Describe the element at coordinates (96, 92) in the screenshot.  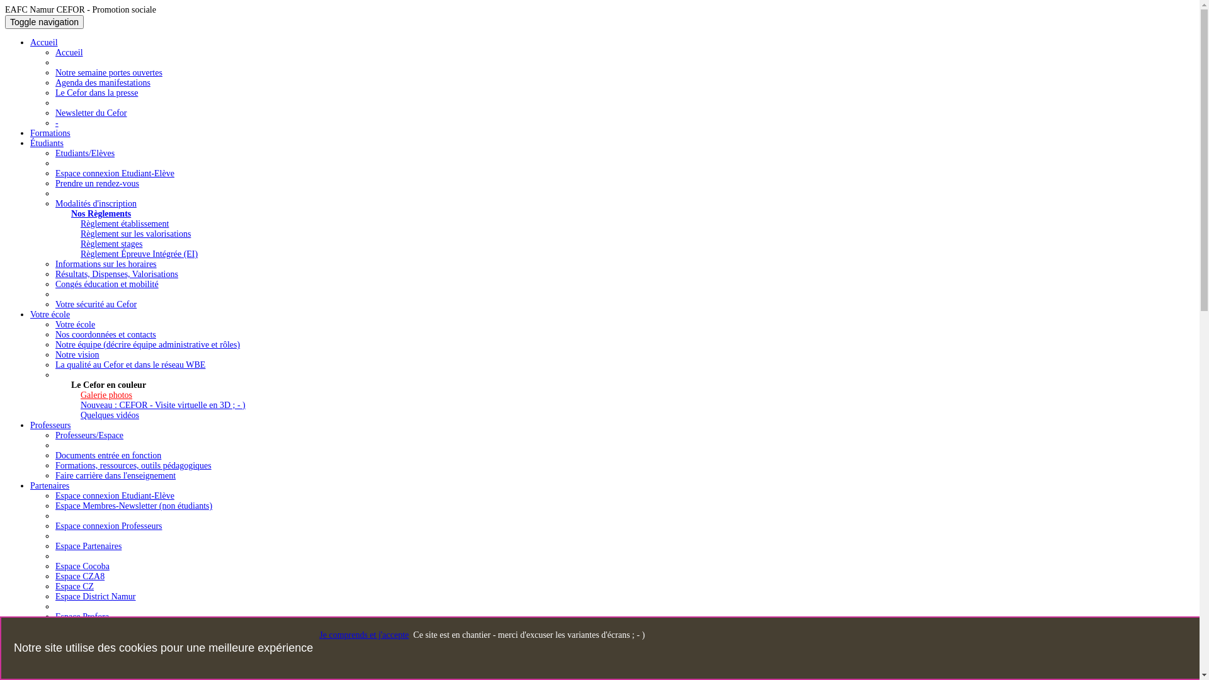
I see `'Le Cefor dans la presse'` at that location.